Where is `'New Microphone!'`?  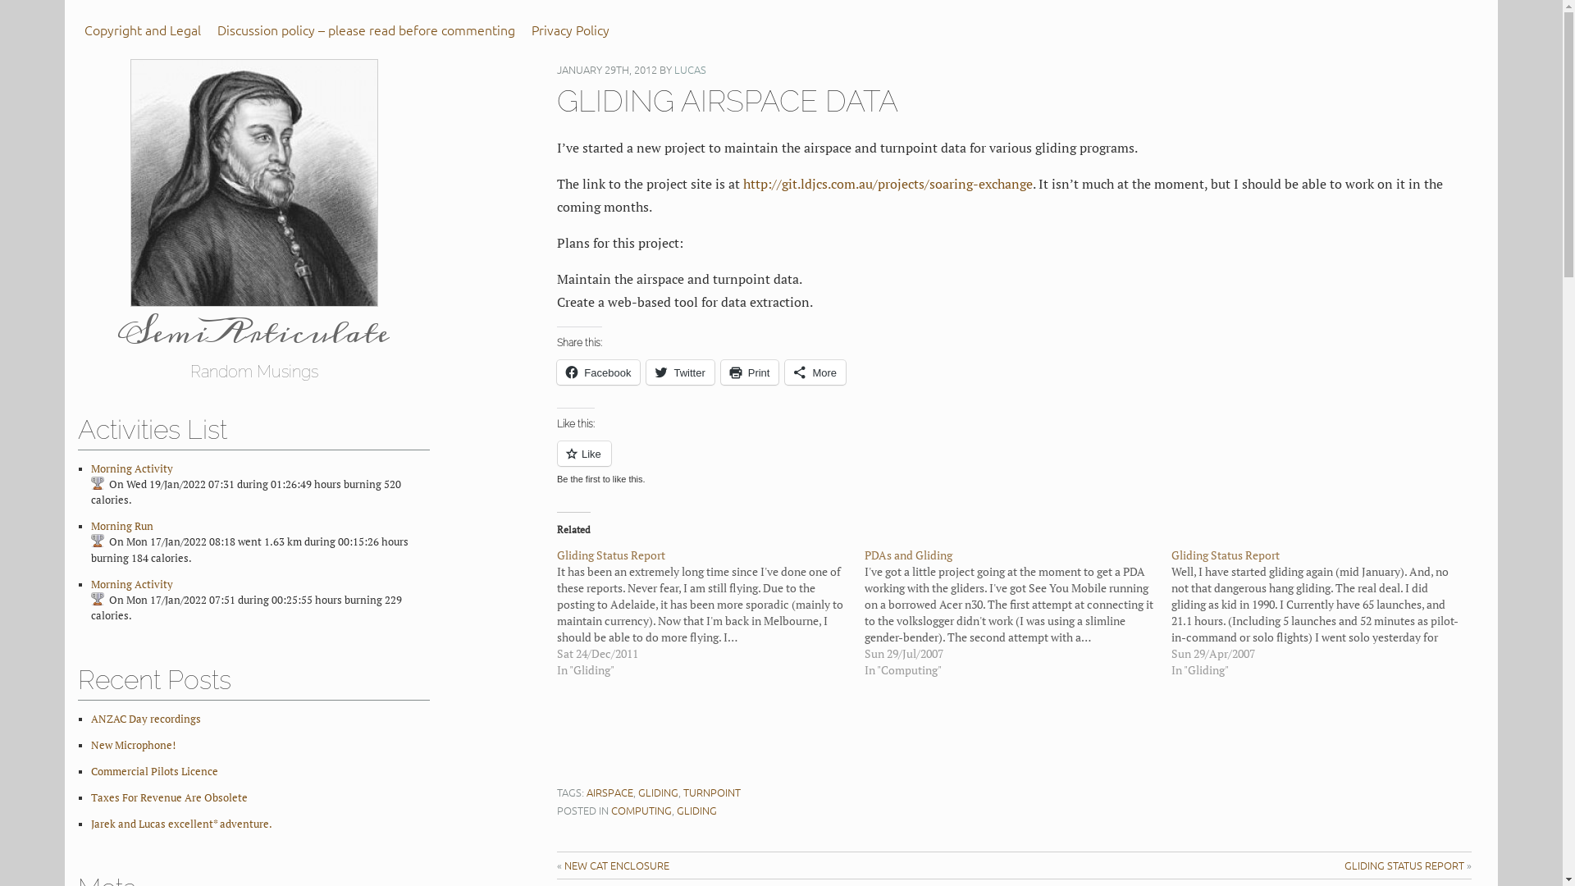
'New Microphone!' is located at coordinates (133, 745).